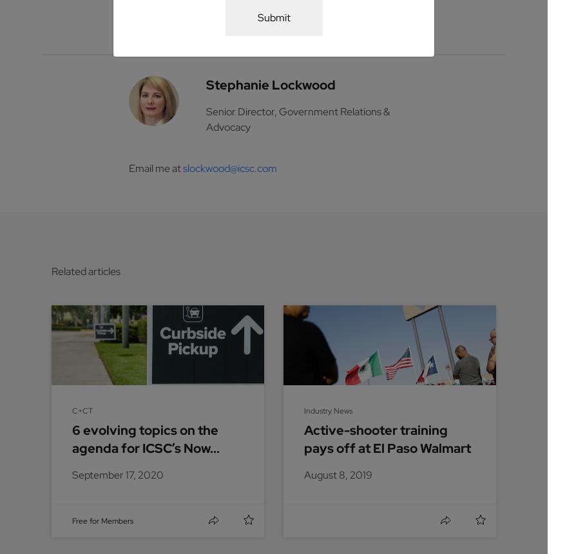 The height and width of the screenshot is (554, 576). What do you see at coordinates (387, 439) in the screenshot?
I see `'Active-shooter training pays off at El Paso Walmart'` at bounding box center [387, 439].